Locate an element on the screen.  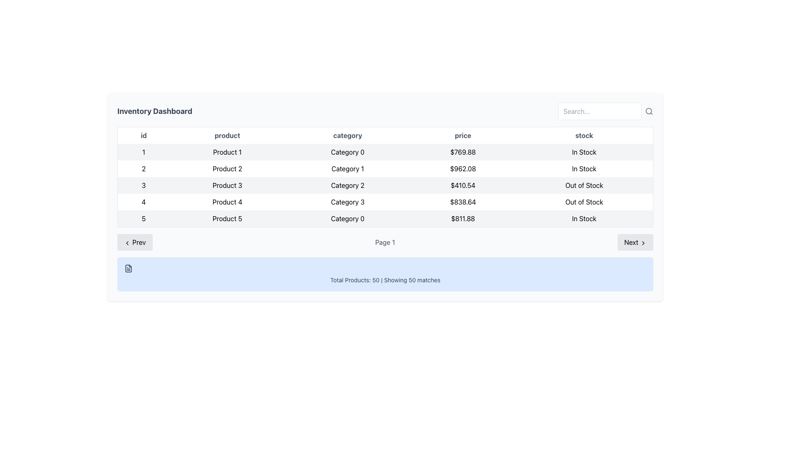
the text label displaying 'Page 1' in a subdued gray color, part of the pagination feature located at the center of the pagination bar is located at coordinates (385, 242).